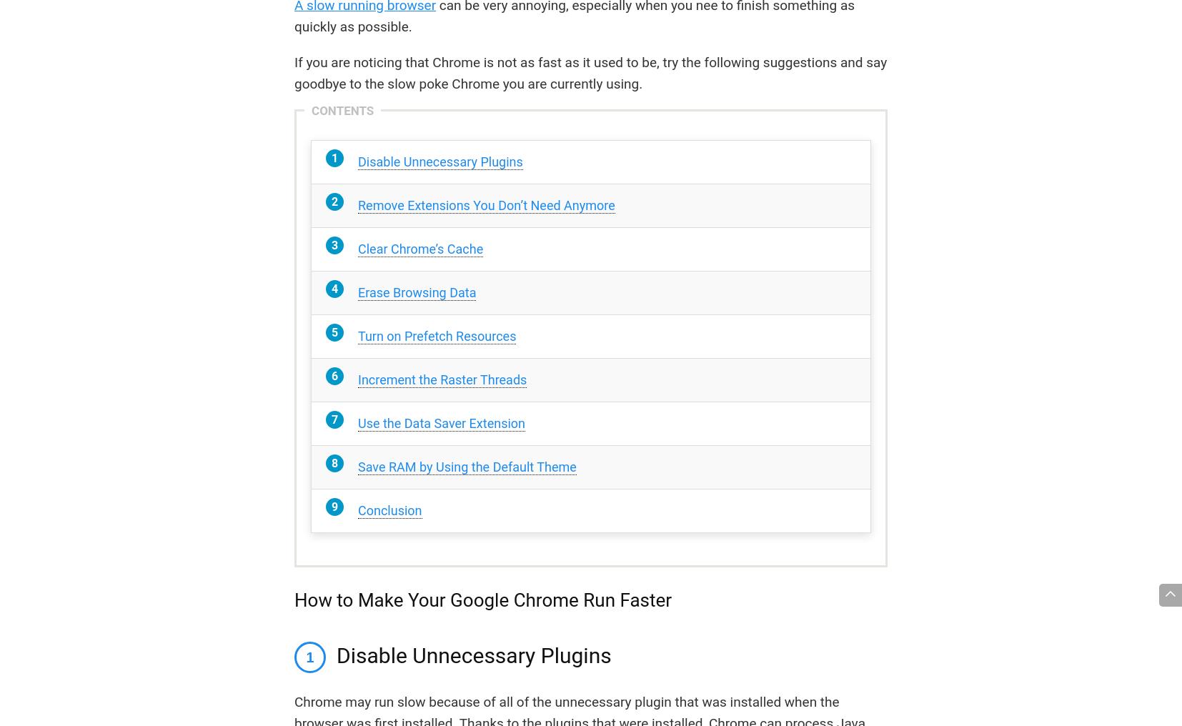 This screenshot has width=1182, height=726. Describe the element at coordinates (294, 600) in the screenshot. I see `'How to Make Your Google Chrome Run Faster'` at that location.